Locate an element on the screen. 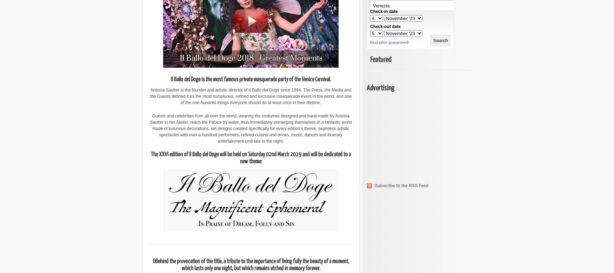  'Advertising' is located at coordinates (380, 88).